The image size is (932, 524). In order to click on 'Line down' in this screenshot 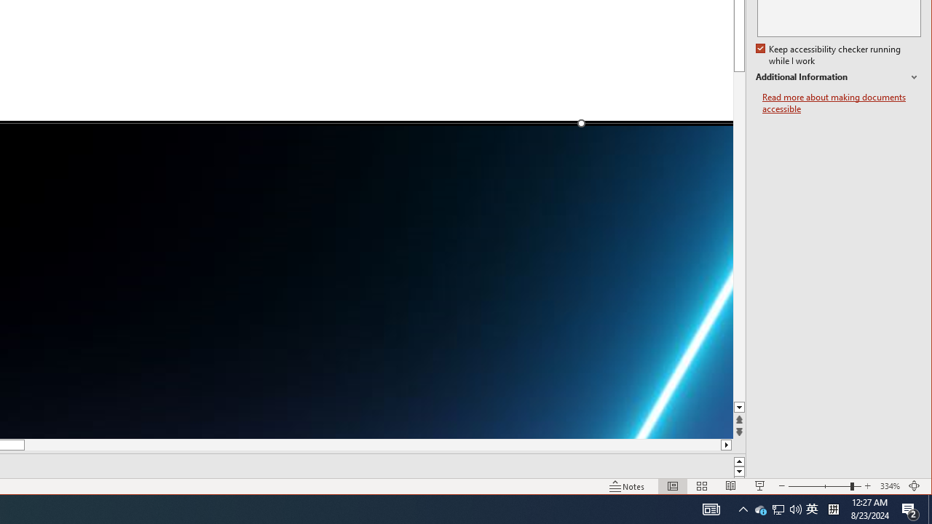, I will do `click(739, 408)`.